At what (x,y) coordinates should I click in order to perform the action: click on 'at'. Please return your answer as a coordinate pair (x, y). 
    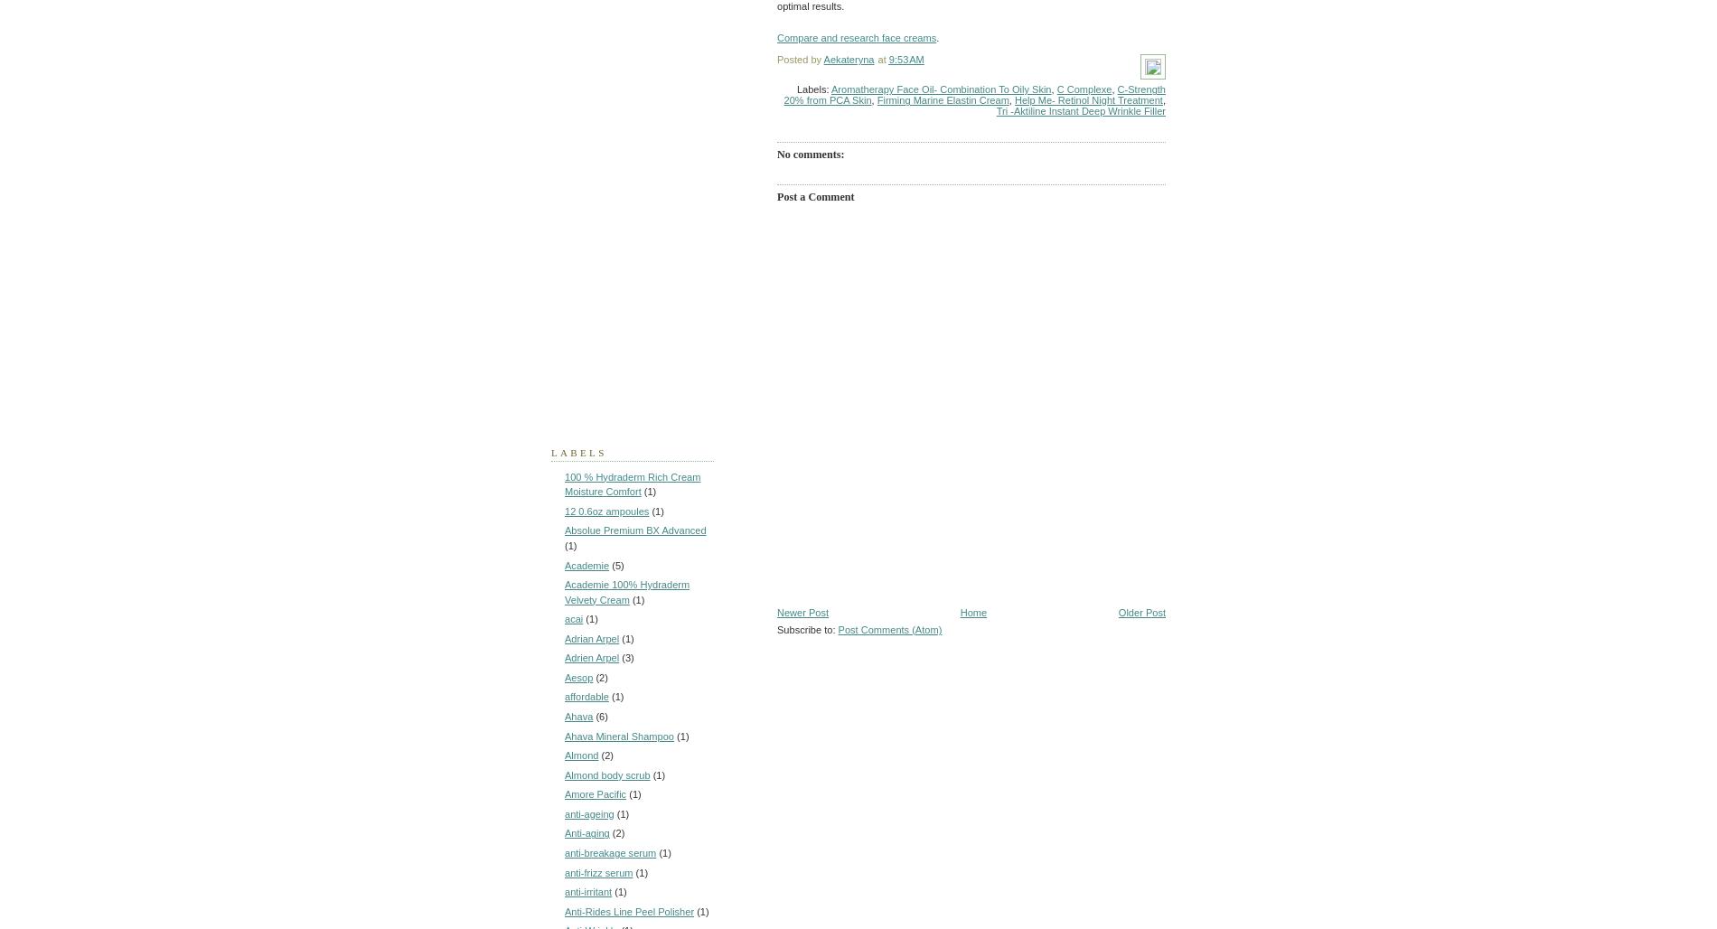
    Looking at the image, I should click on (877, 58).